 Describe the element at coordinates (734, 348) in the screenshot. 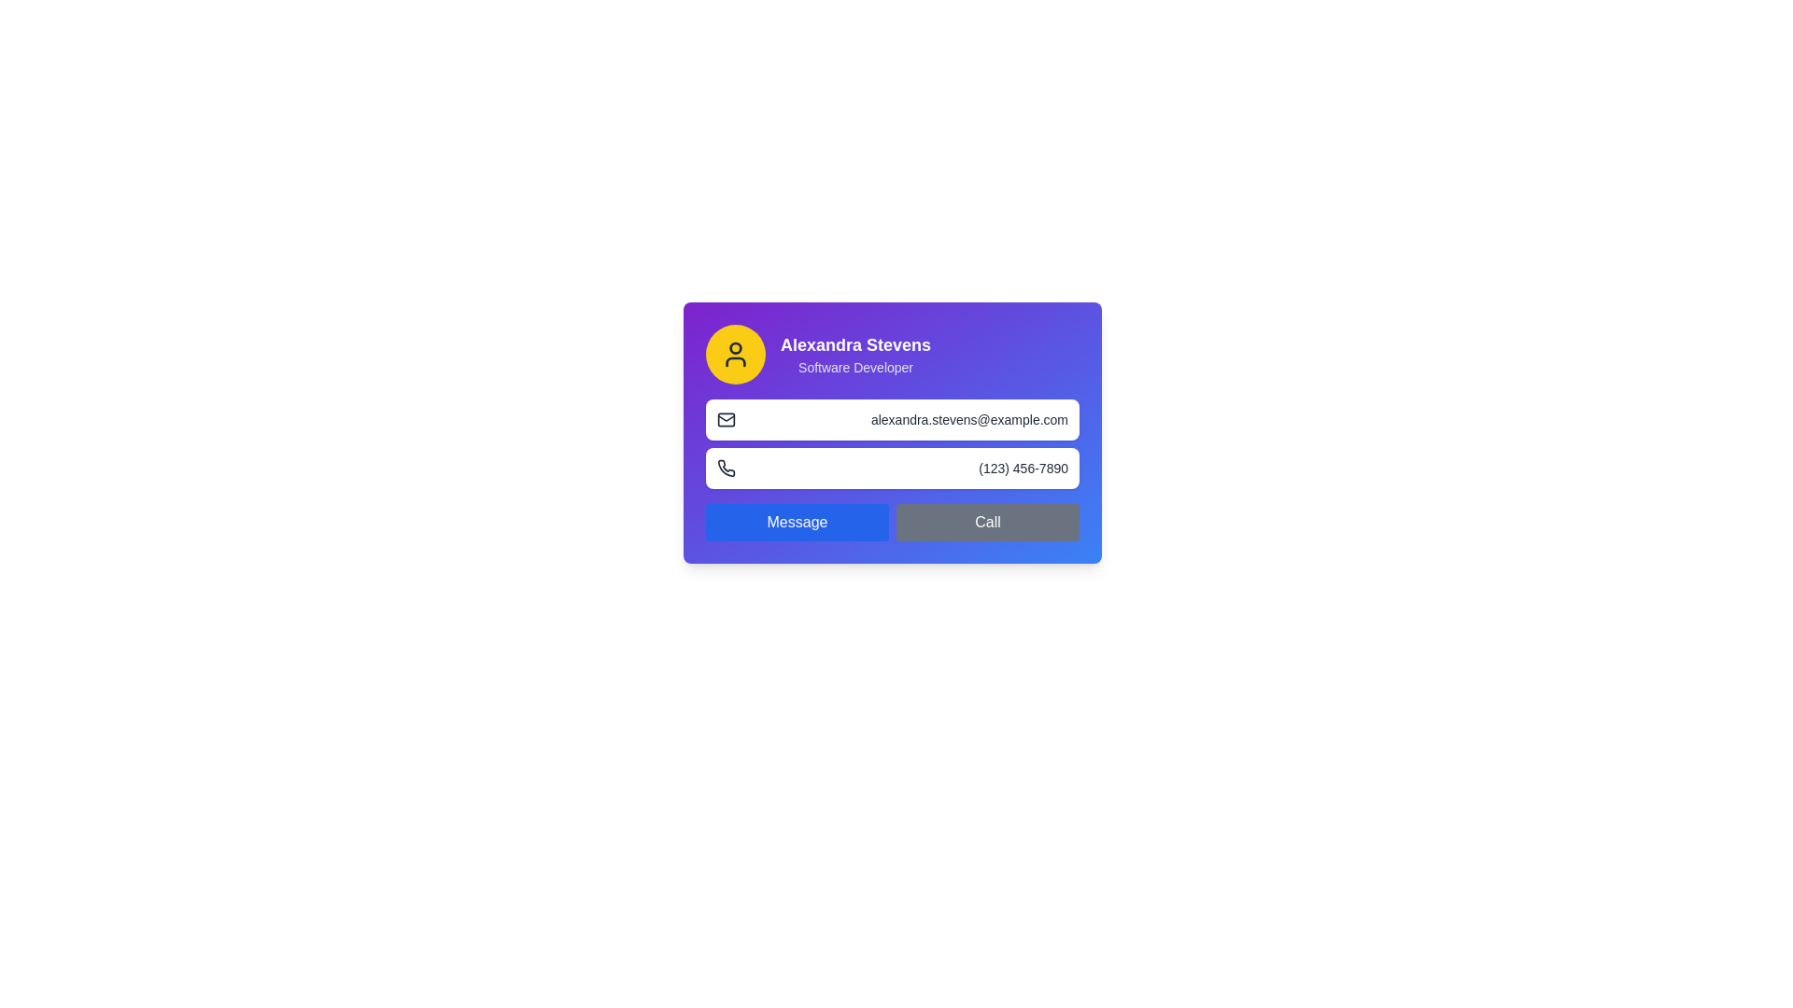

I see `small circular shape that represents the user avatar icon, positioned at the top-center of the yellow background, using developer tools` at that location.